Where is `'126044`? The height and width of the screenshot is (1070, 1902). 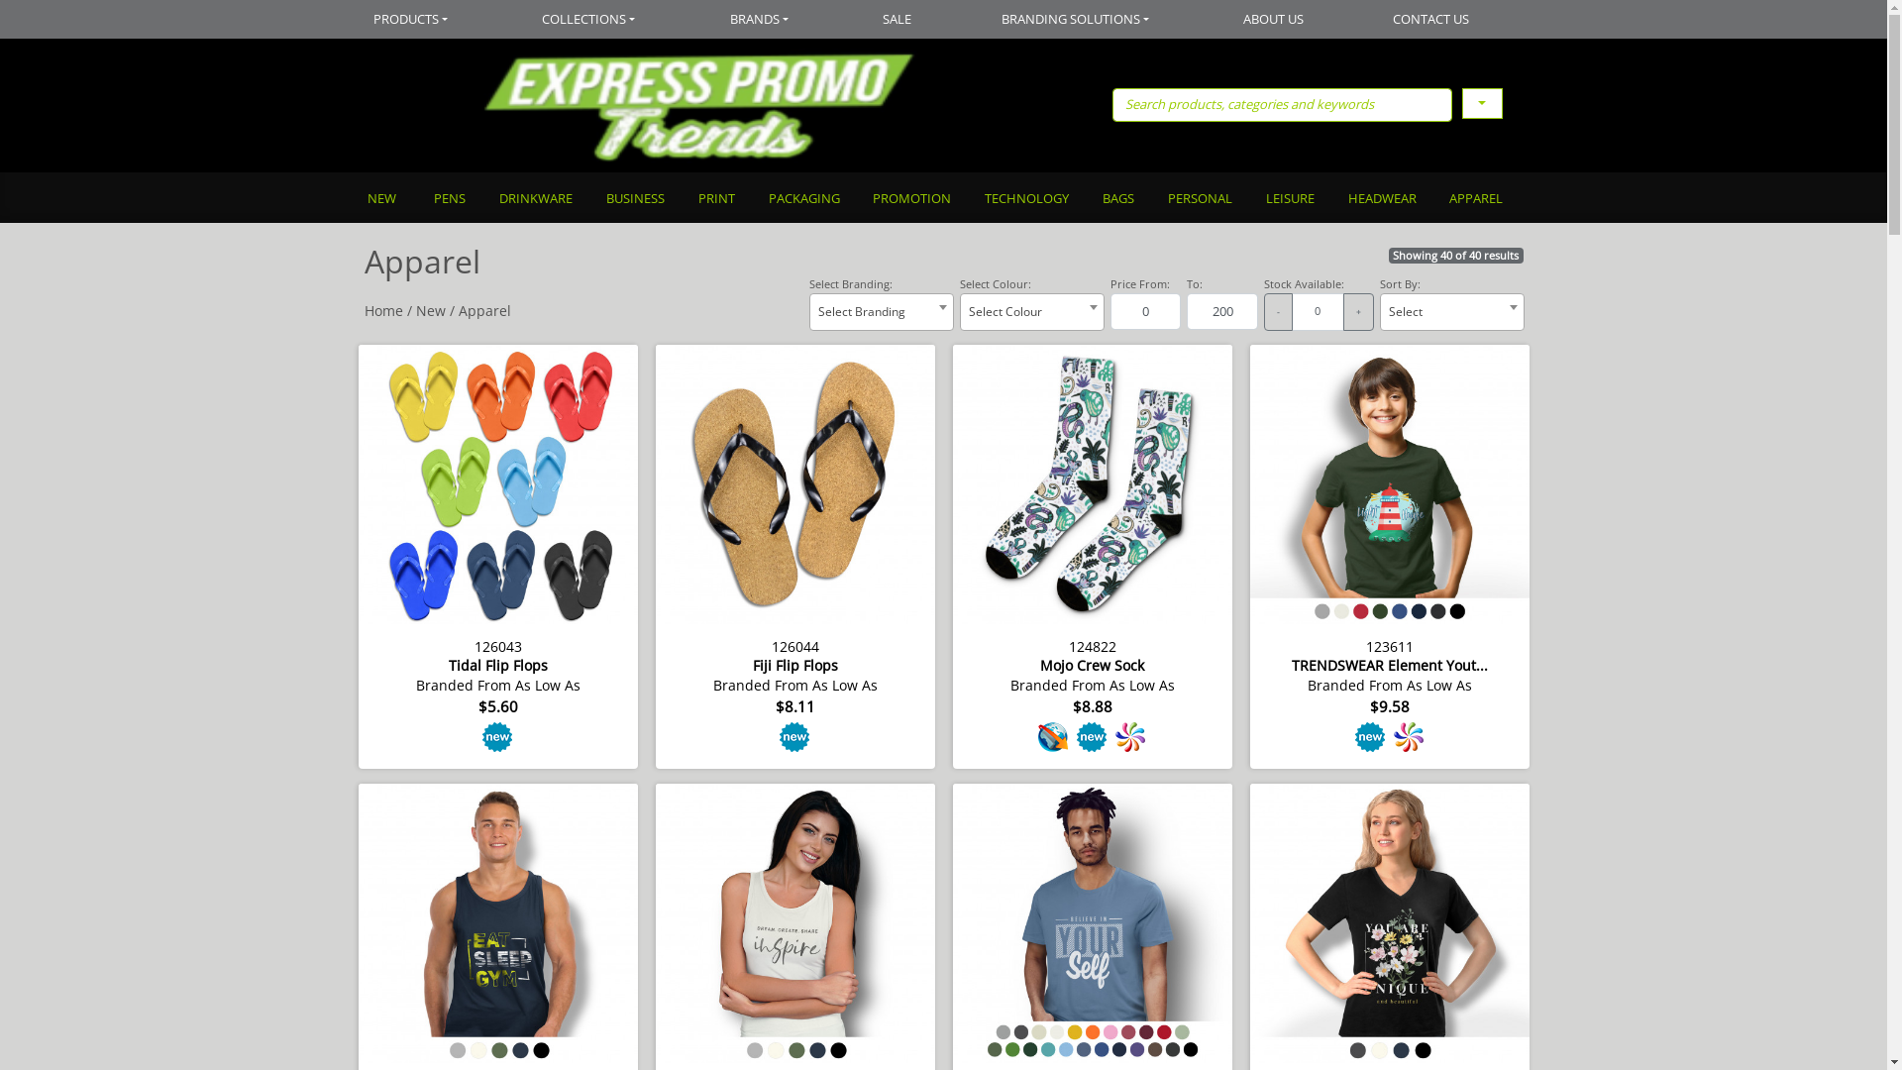
'126044 is located at coordinates (794, 554).